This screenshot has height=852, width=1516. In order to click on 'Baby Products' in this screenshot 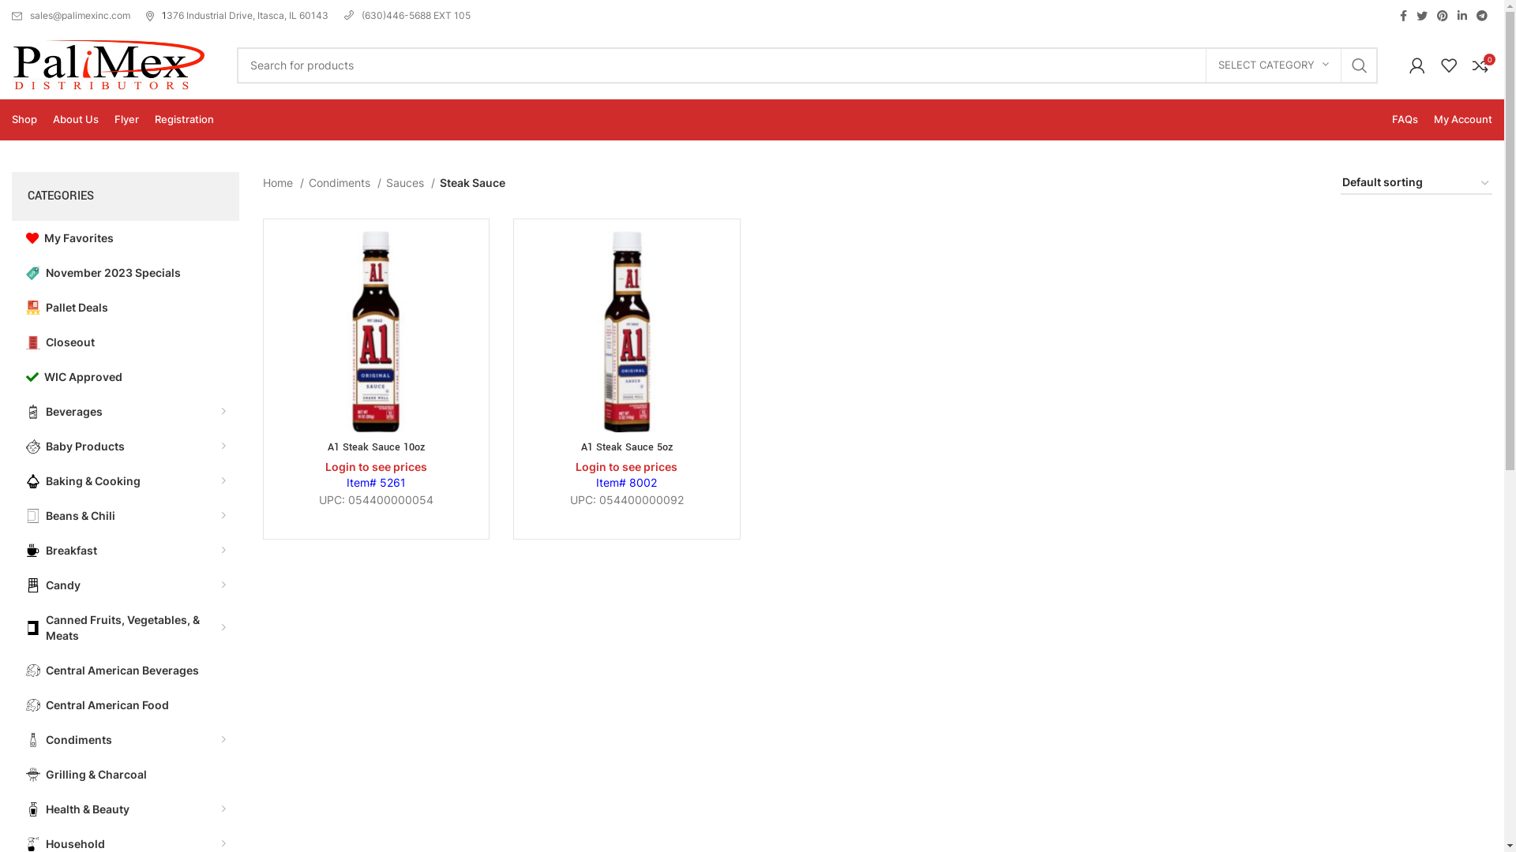, I will do `click(11, 447)`.